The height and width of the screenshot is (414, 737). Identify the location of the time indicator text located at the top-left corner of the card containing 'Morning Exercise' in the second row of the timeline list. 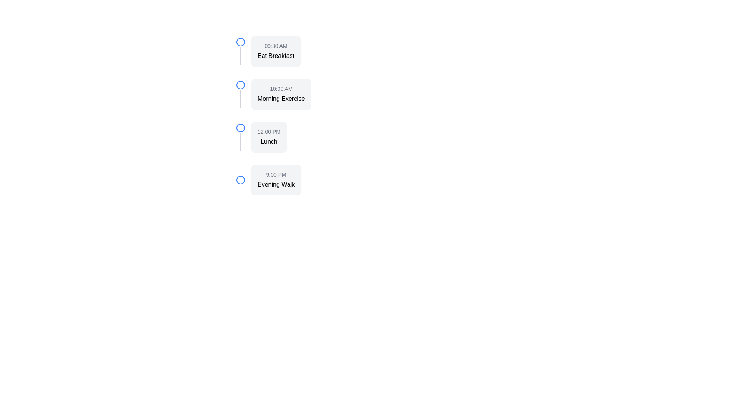
(281, 88).